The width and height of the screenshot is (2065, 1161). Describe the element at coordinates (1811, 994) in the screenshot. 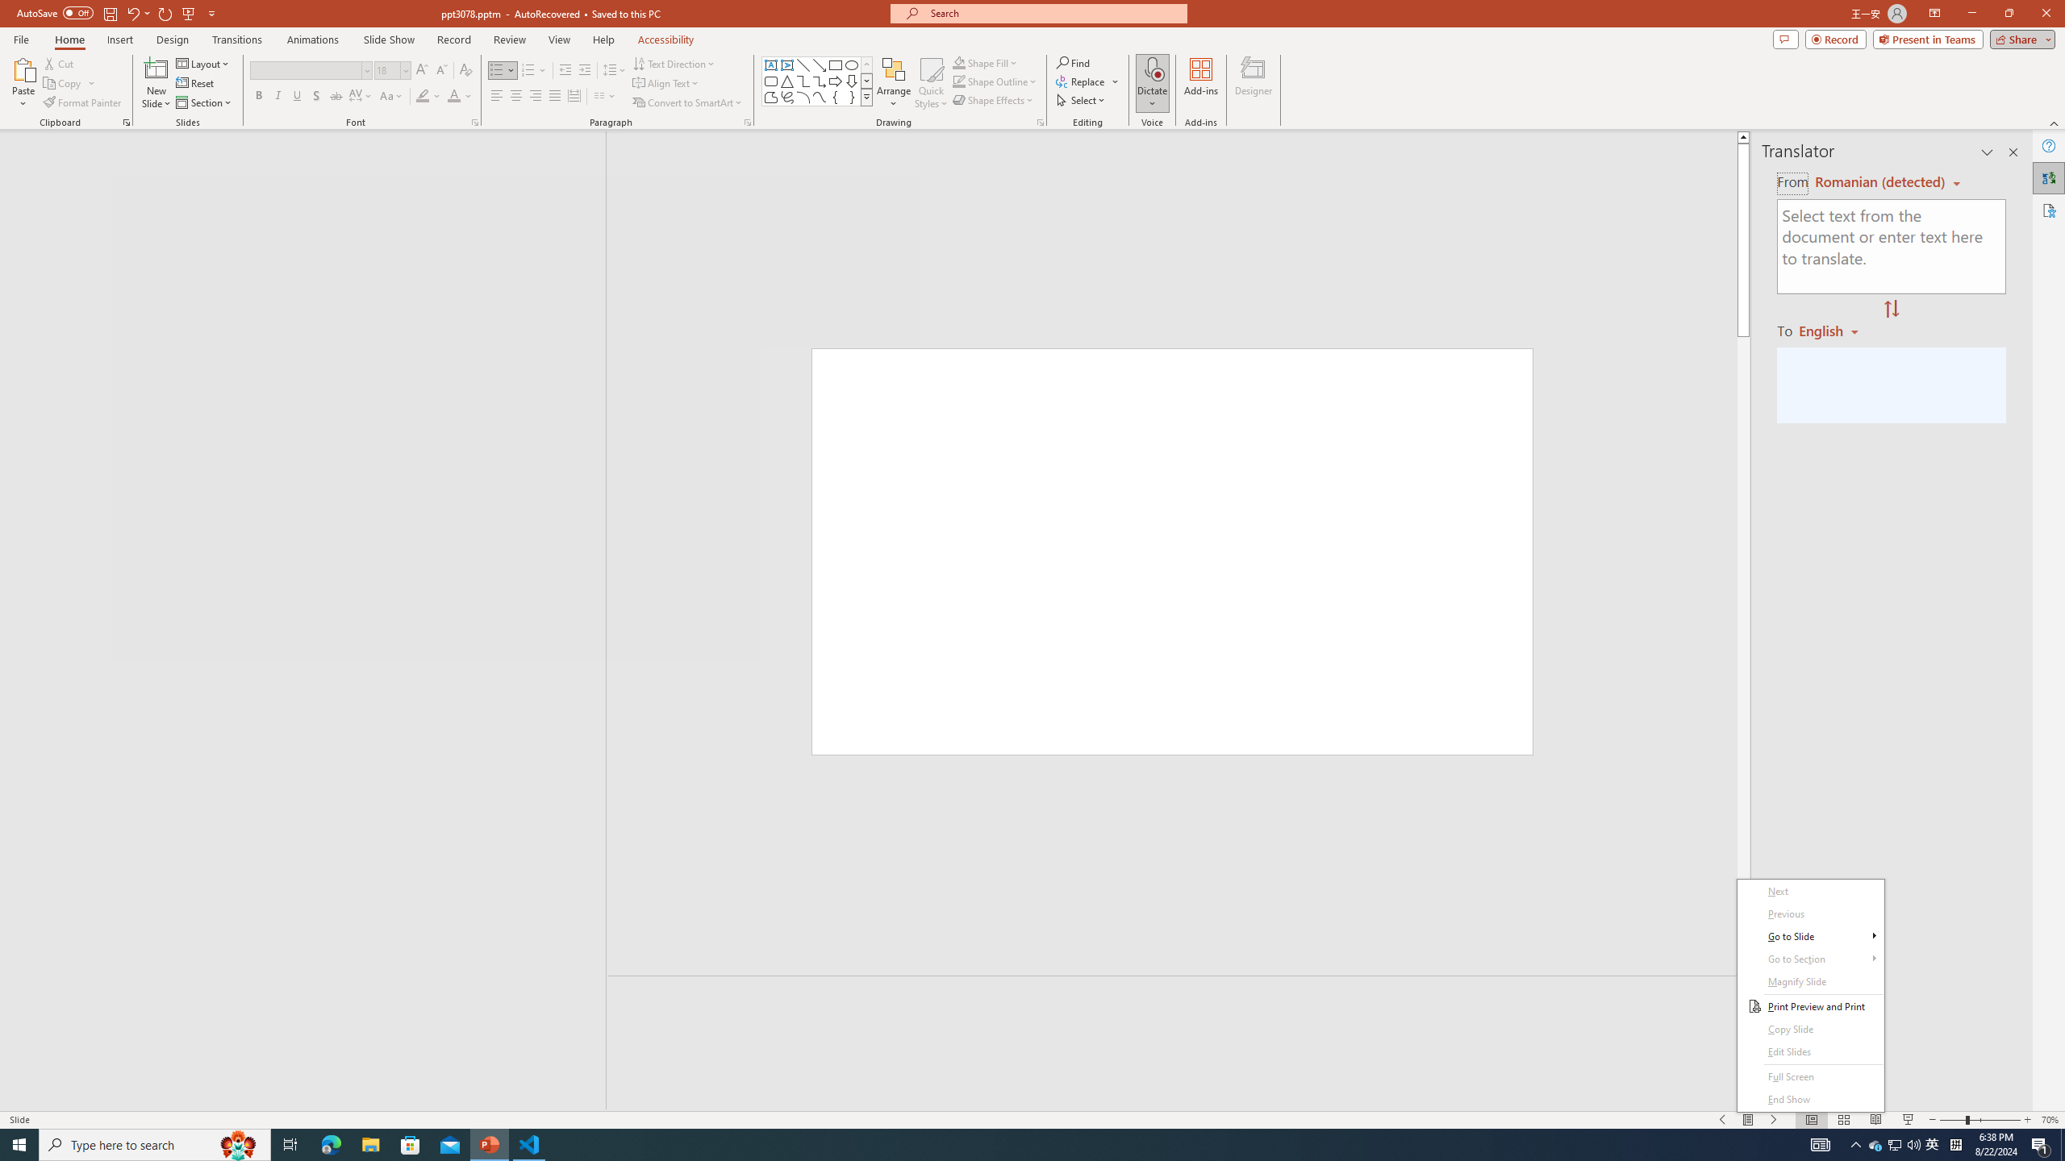

I see `'Class: NetUITWMenuContainer'` at that location.